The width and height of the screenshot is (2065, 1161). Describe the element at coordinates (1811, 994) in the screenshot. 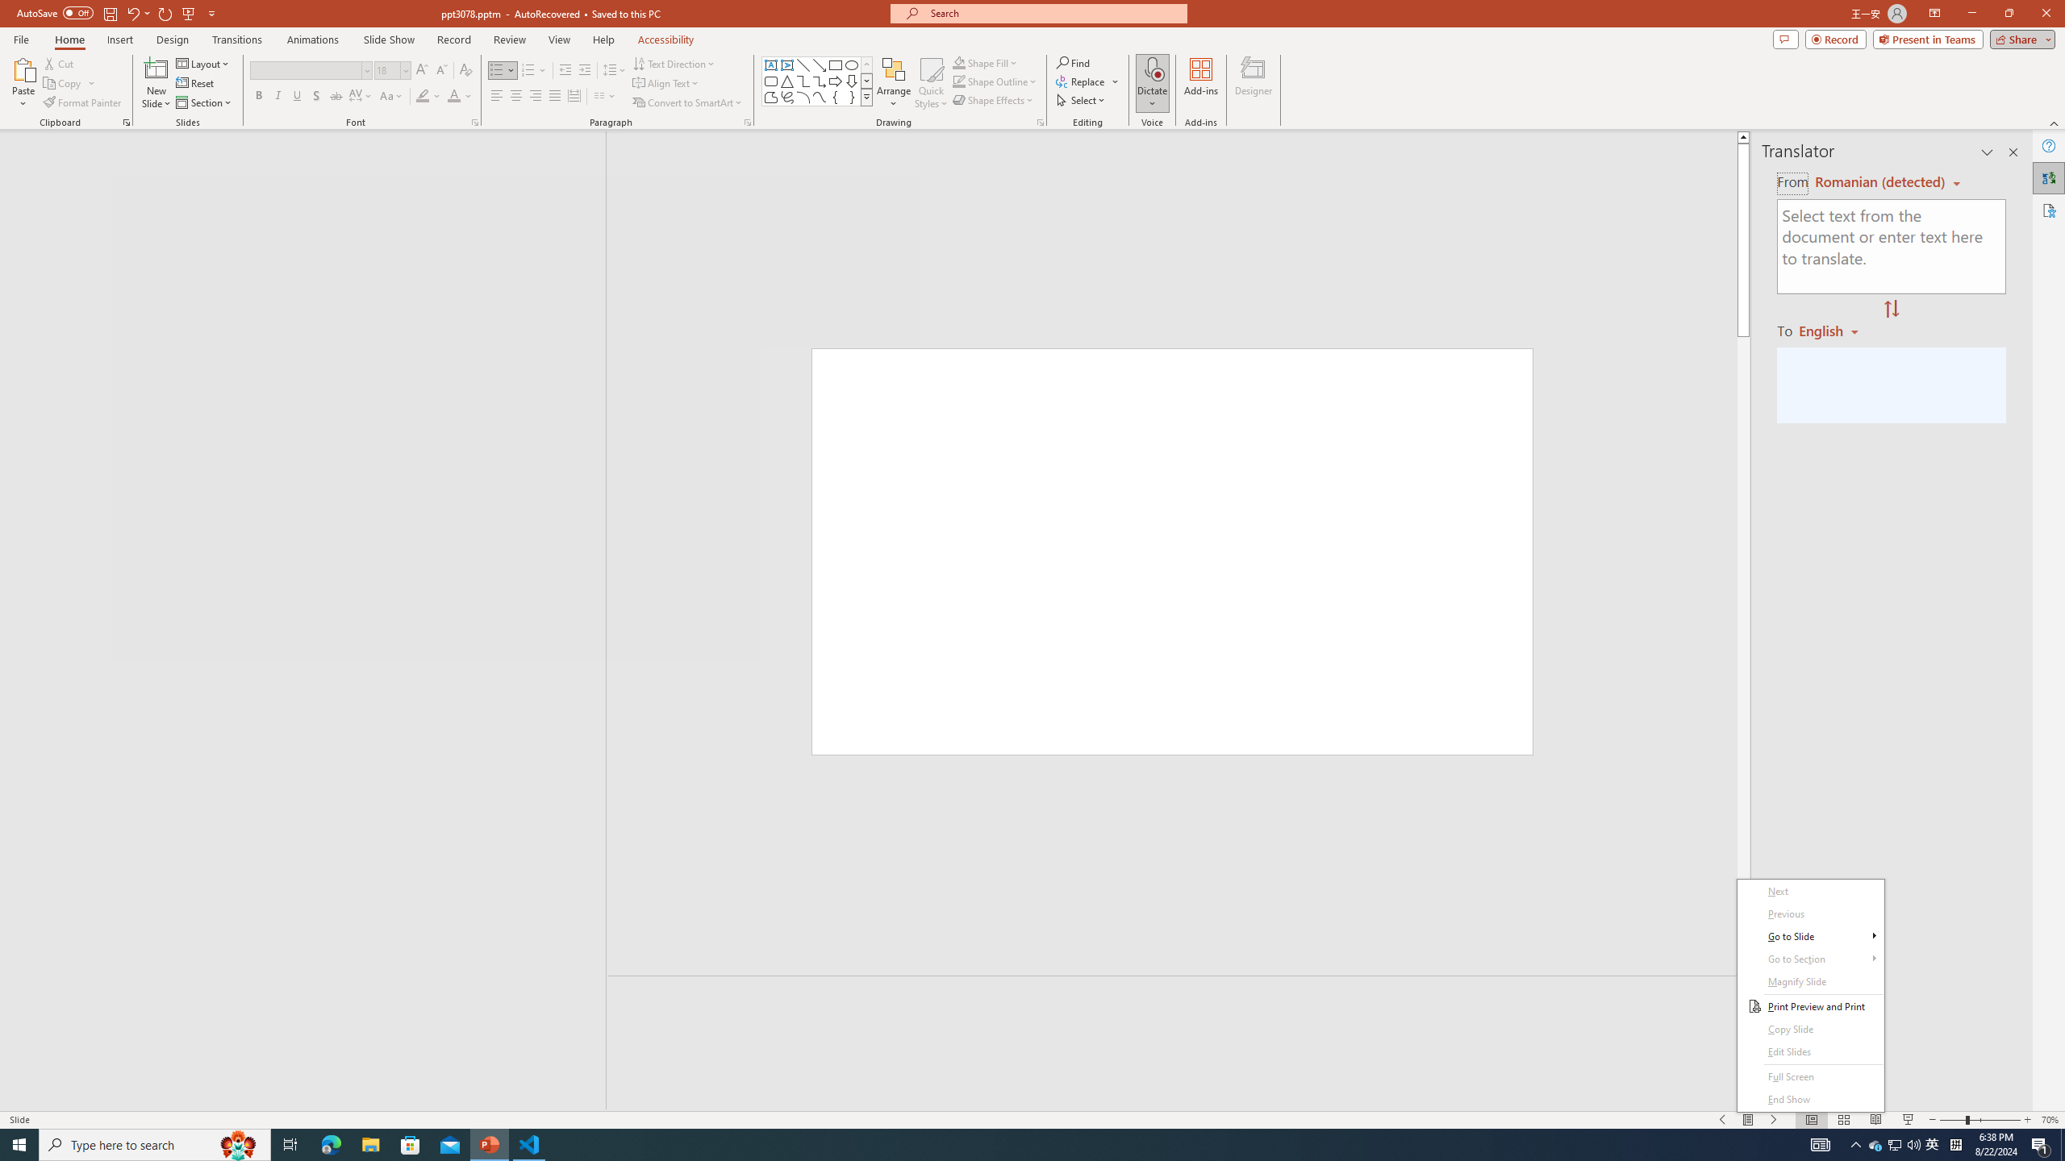

I see `'Class: NetUITWMenuContainer'` at that location.